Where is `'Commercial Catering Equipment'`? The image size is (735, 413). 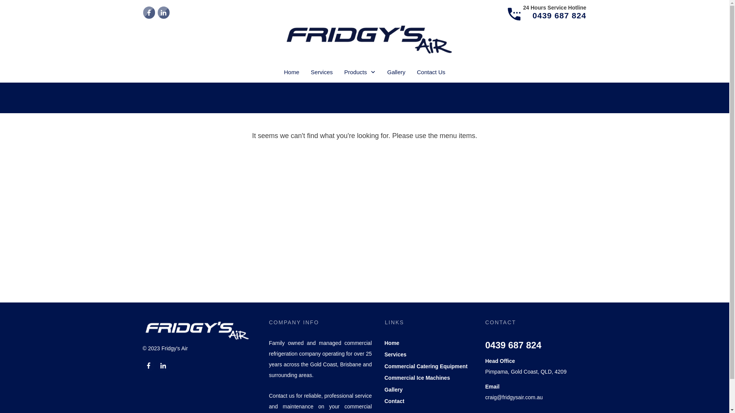 'Commercial Catering Equipment' is located at coordinates (425, 366).